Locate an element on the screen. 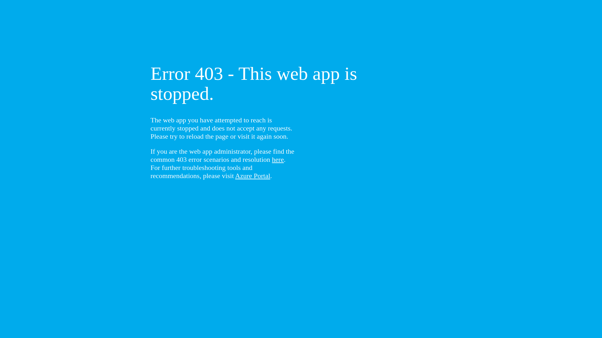  'Azure Portal' is located at coordinates (253, 176).